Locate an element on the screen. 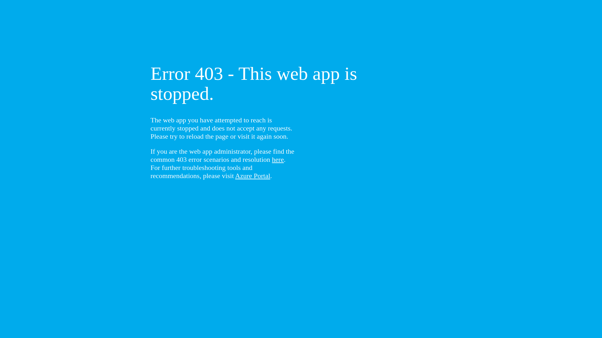  'Azure Portal' is located at coordinates (253, 176).